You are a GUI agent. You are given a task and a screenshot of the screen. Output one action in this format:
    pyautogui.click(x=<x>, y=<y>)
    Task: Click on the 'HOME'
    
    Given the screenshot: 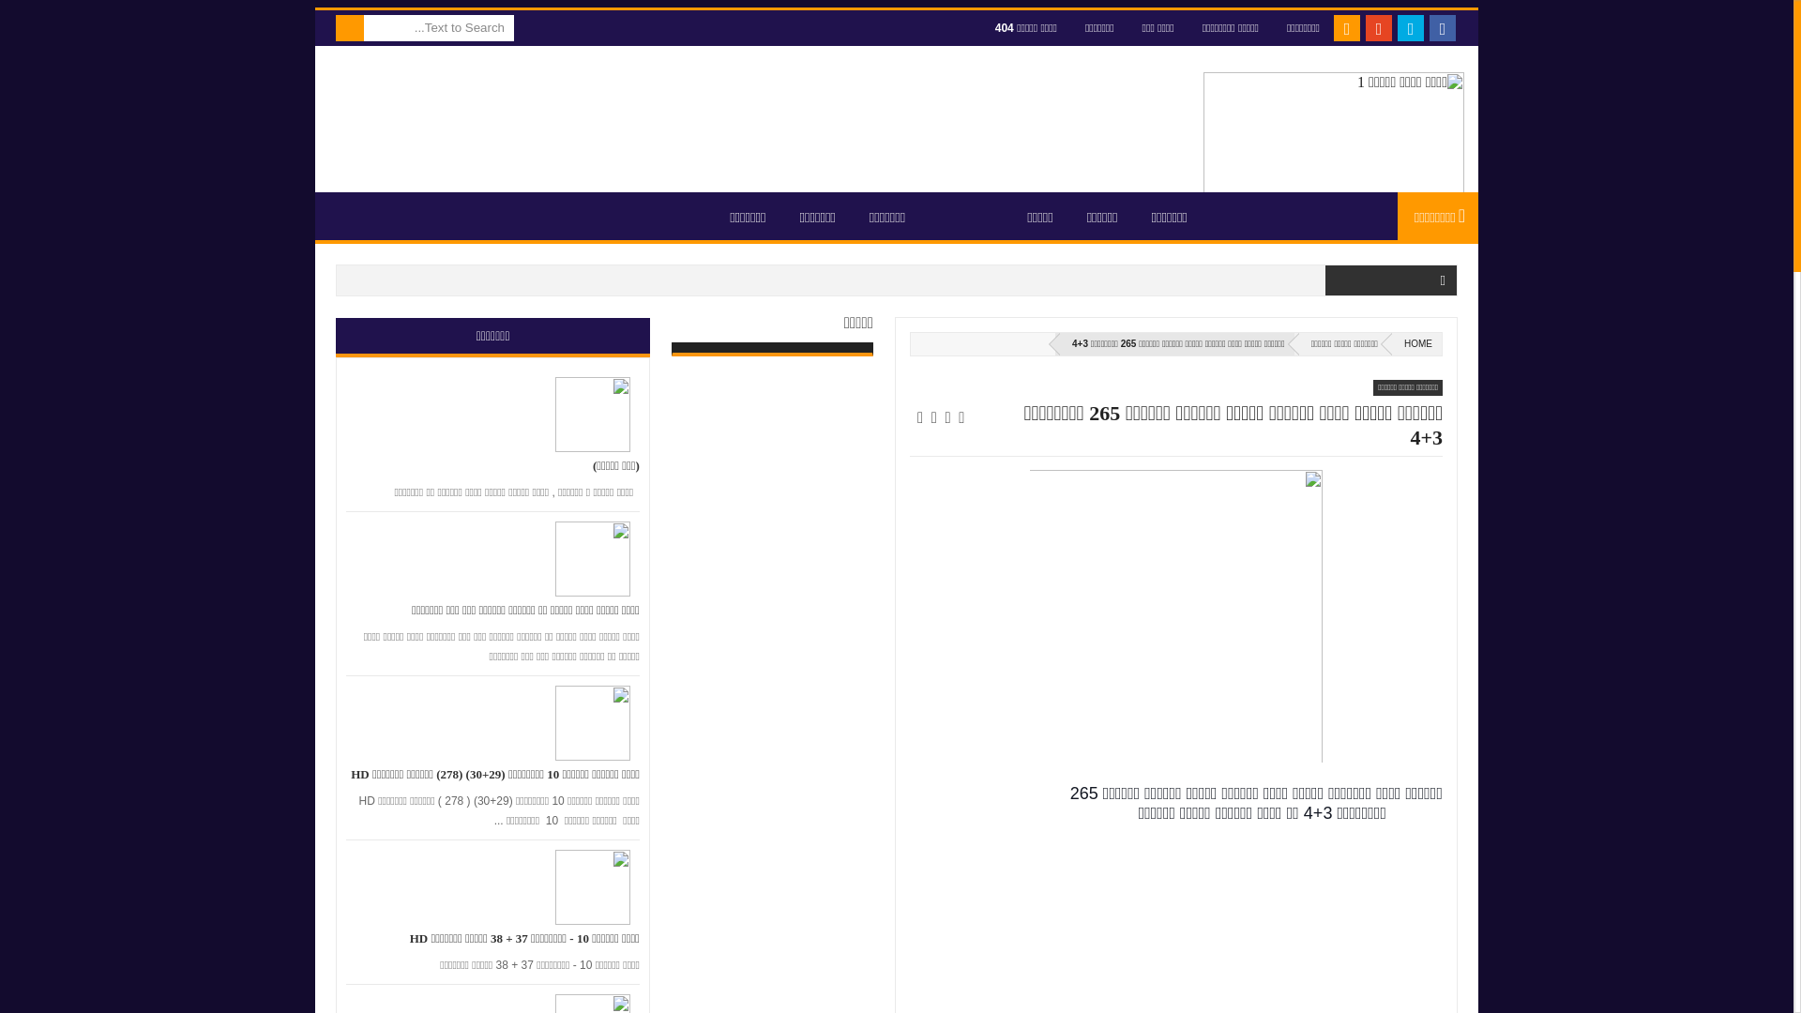 What is the action you would take?
    pyautogui.click(x=1414, y=343)
    